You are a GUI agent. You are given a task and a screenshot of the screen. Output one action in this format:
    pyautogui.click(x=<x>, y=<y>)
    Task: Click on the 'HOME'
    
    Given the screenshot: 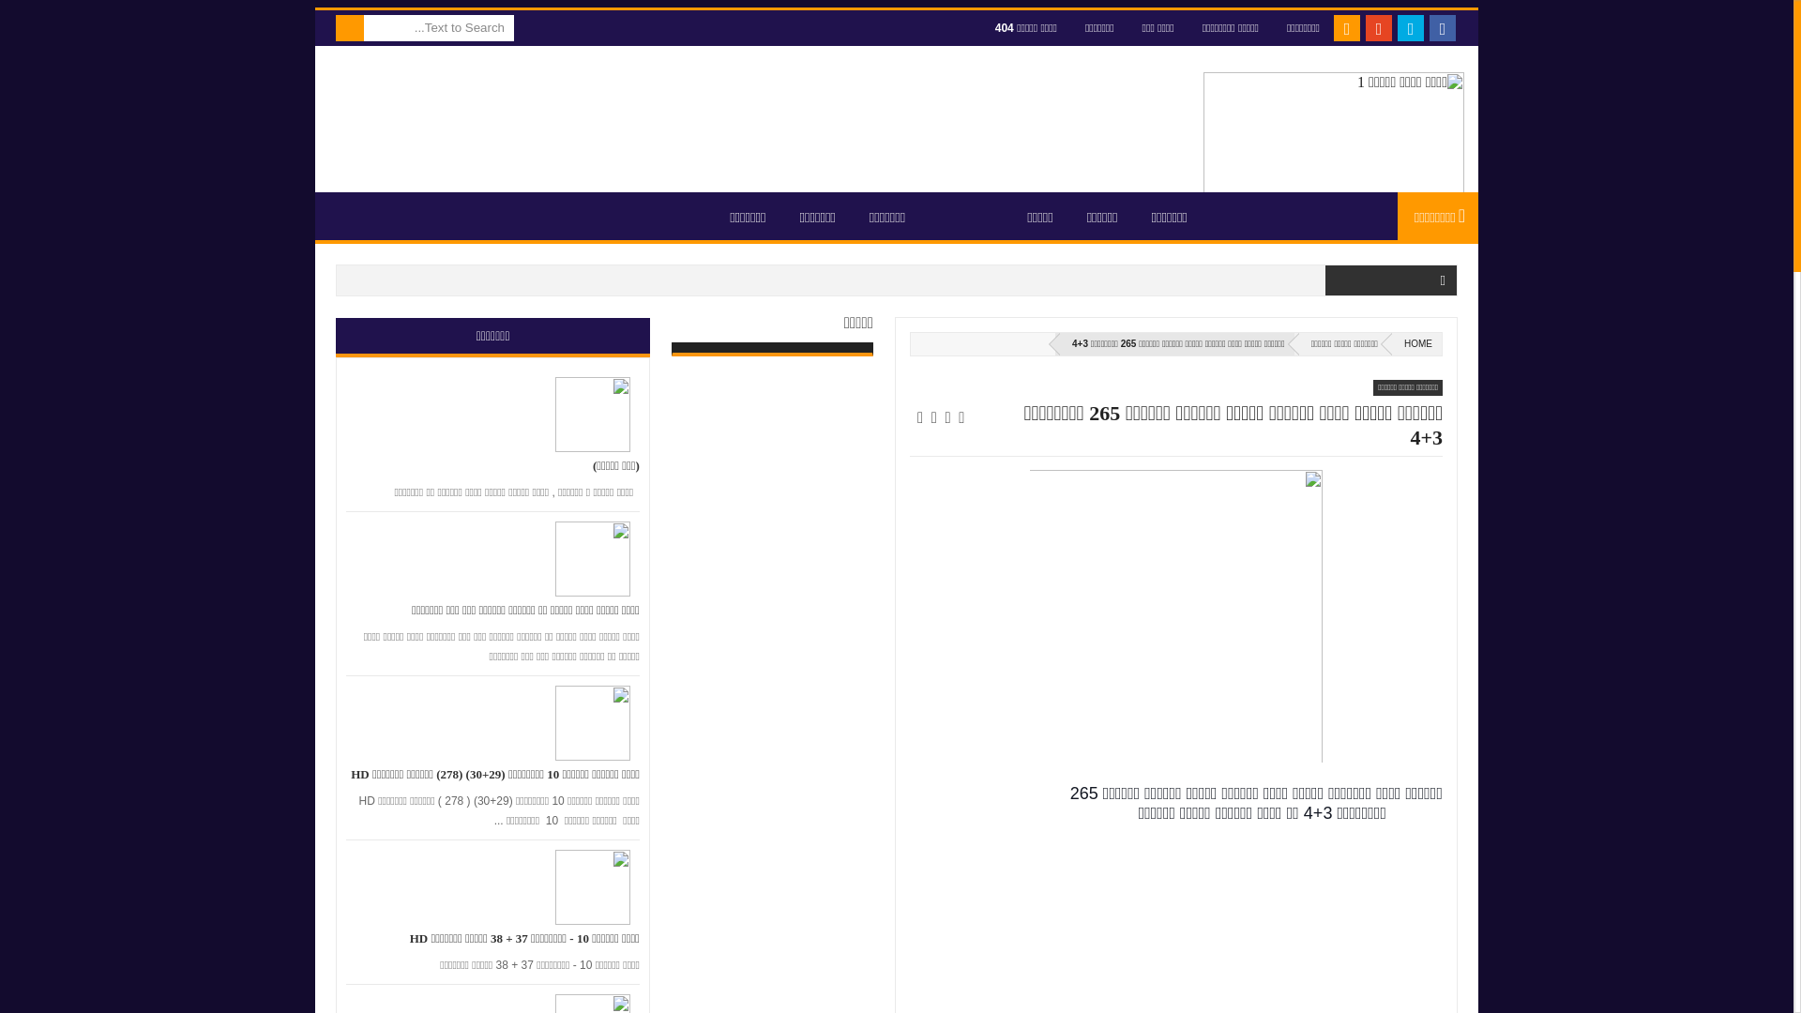 What is the action you would take?
    pyautogui.click(x=1414, y=343)
    